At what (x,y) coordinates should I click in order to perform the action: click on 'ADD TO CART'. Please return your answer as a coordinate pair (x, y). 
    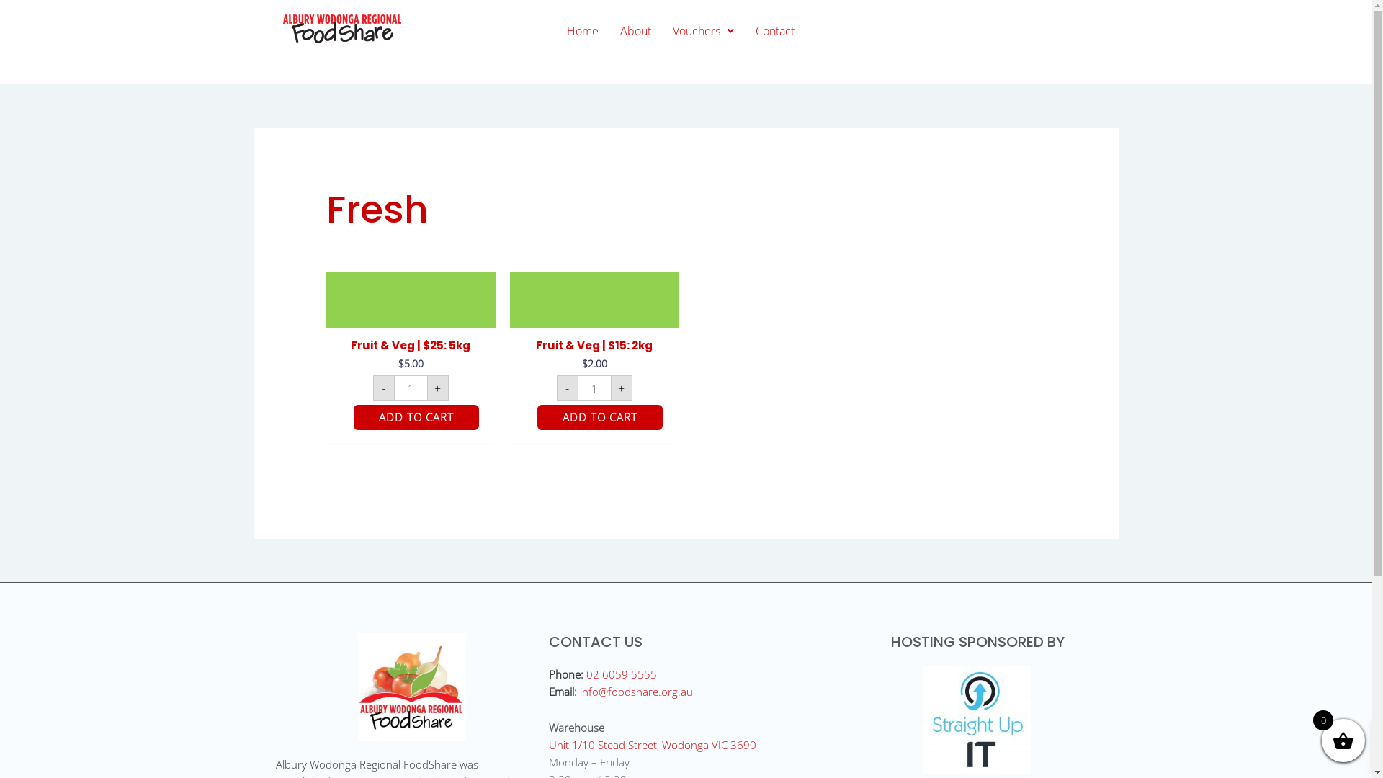
    Looking at the image, I should click on (415, 417).